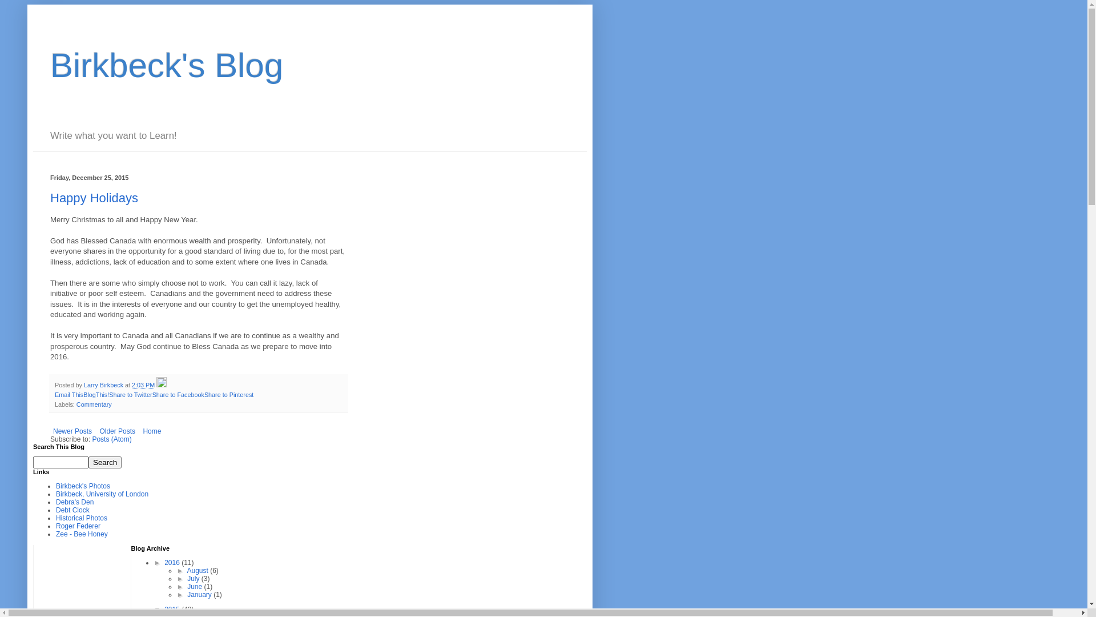  Describe the element at coordinates (60, 462) in the screenshot. I see `'search'` at that location.